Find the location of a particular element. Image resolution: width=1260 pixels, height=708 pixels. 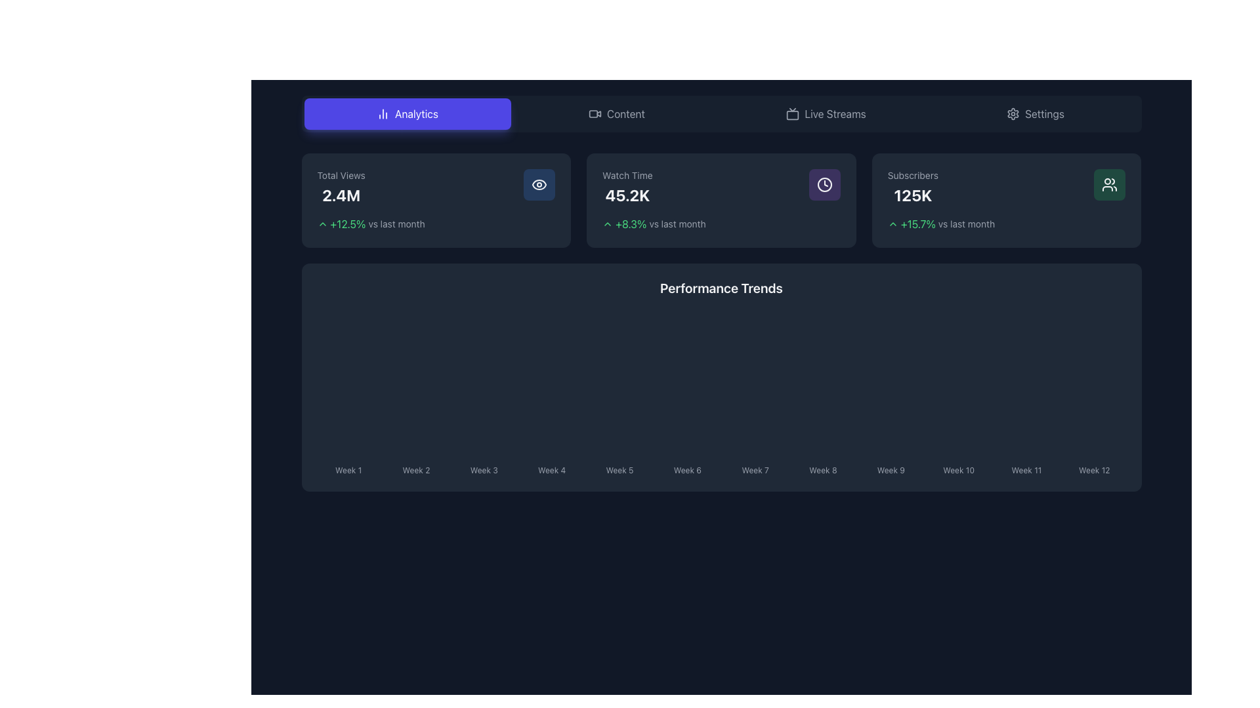

the gear-shaped settings icon located in the toolbar's far-right section is located at coordinates (1013, 113).